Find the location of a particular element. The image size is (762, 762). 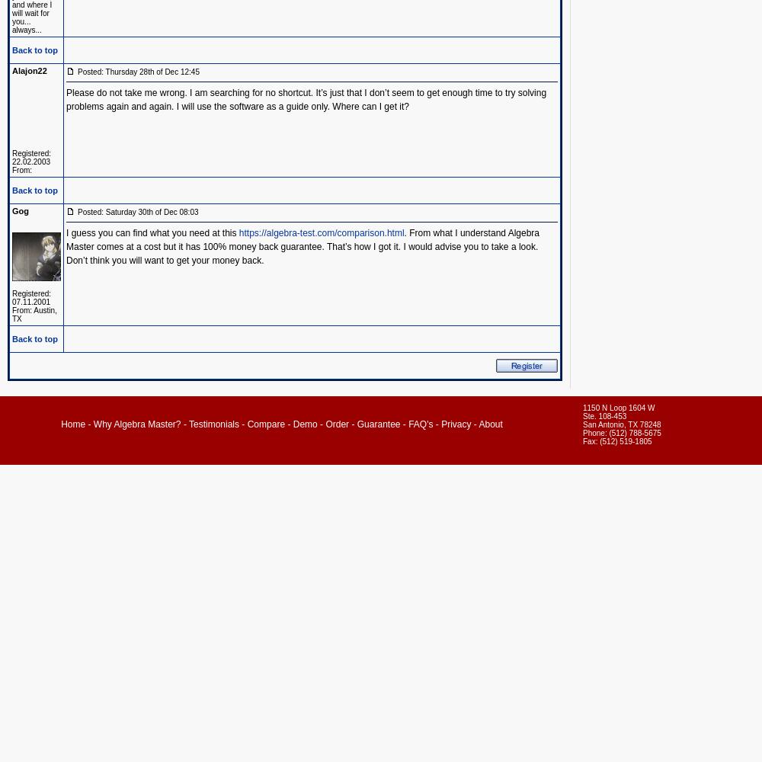

'Ste. 108-453' is located at coordinates (604, 416).